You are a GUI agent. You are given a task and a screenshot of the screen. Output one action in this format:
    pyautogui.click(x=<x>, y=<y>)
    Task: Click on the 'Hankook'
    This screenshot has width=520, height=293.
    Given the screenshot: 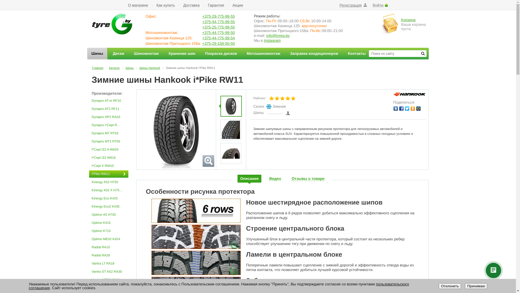 What is the action you would take?
    pyautogui.click(x=393, y=95)
    